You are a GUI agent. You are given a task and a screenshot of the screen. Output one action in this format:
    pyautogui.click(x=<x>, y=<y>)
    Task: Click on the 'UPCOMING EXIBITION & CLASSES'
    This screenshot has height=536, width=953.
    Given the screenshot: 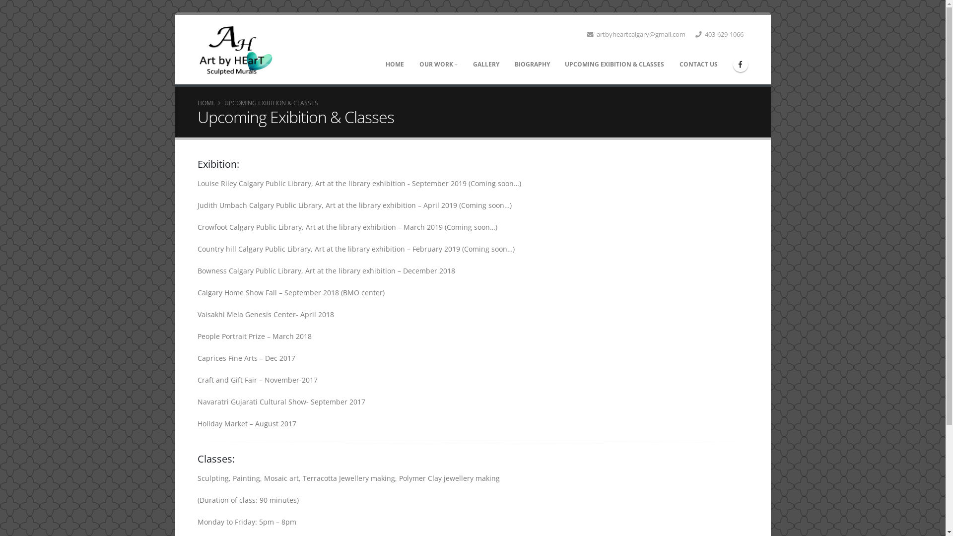 What is the action you would take?
    pyautogui.click(x=557, y=65)
    